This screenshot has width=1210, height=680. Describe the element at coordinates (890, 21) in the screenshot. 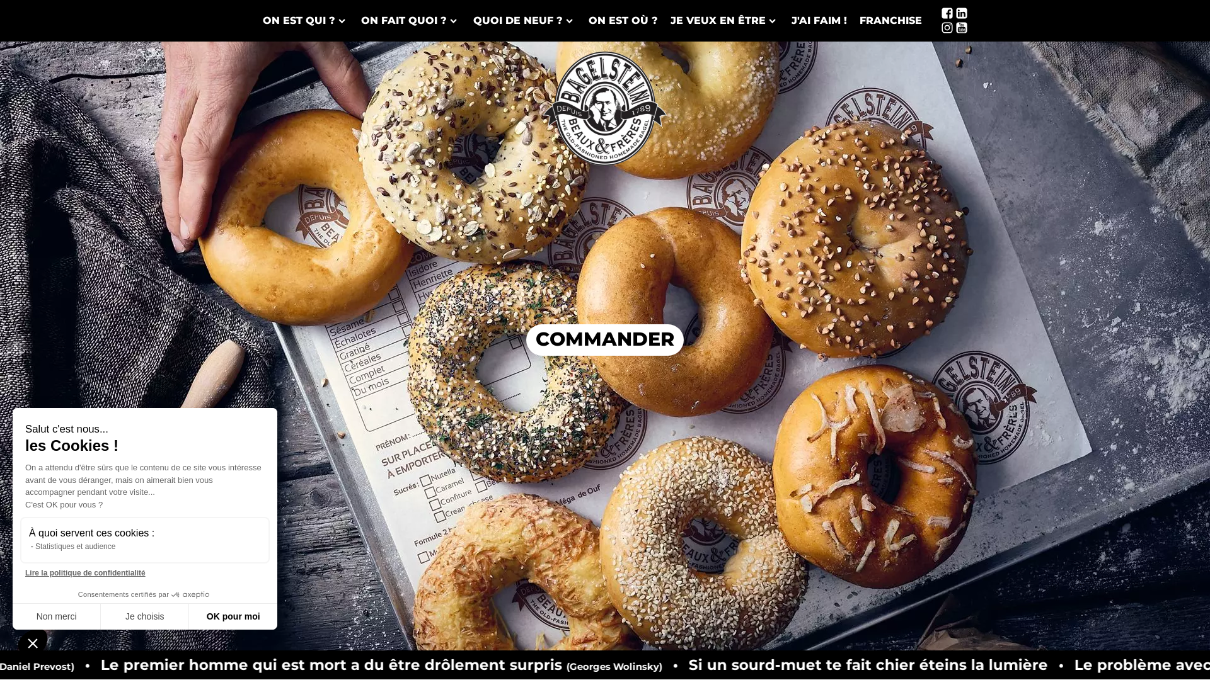

I see `'FRANCHISE'` at that location.